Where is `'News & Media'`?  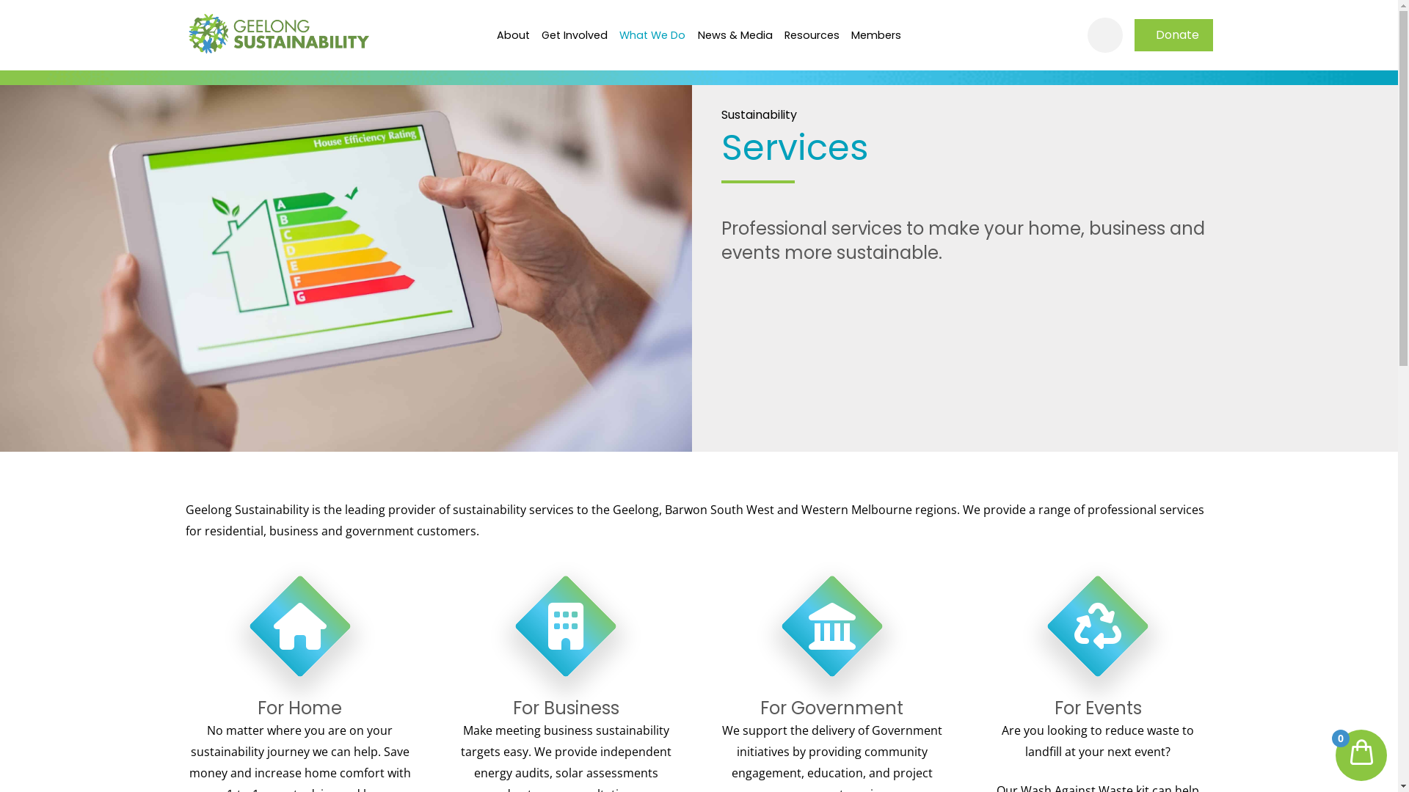
'News & Media' is located at coordinates (735, 34).